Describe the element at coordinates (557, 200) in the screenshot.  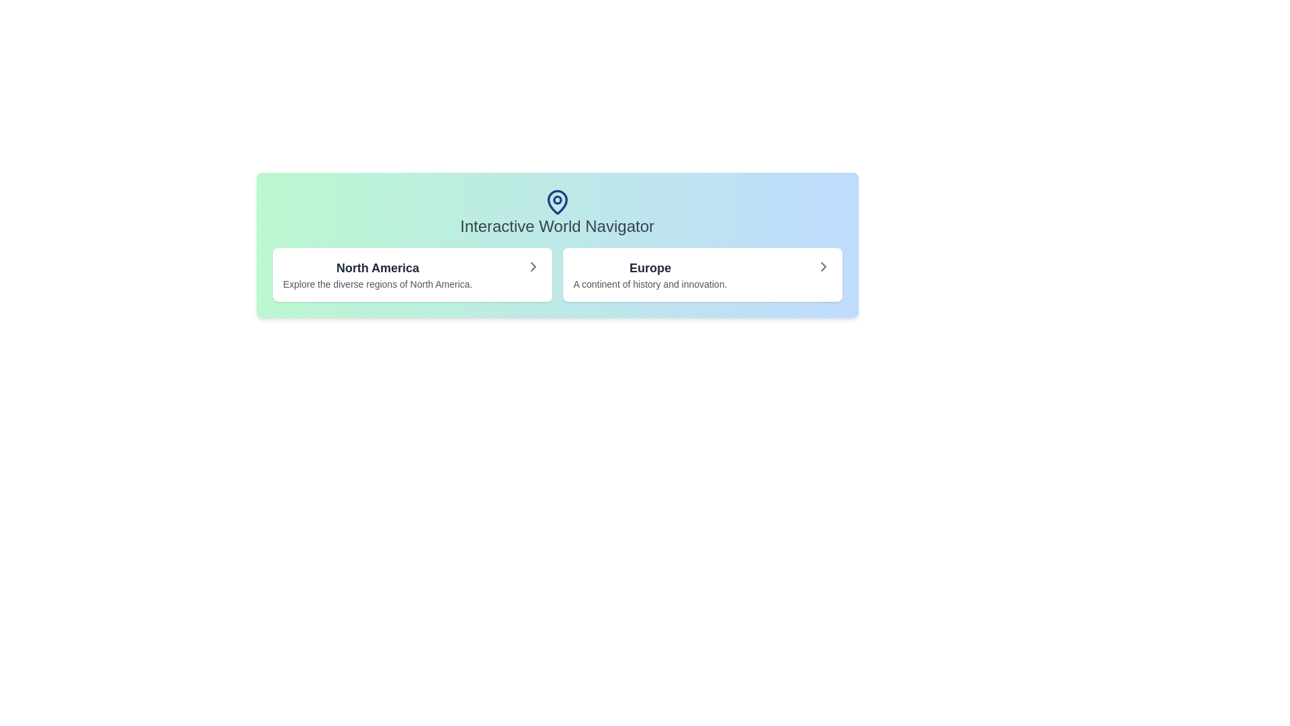
I see `the circular decorative component that serves as the focal point within the map pin icon, positioned at the center of the pin above the sections labeled 'North America' and 'Europe'` at that location.